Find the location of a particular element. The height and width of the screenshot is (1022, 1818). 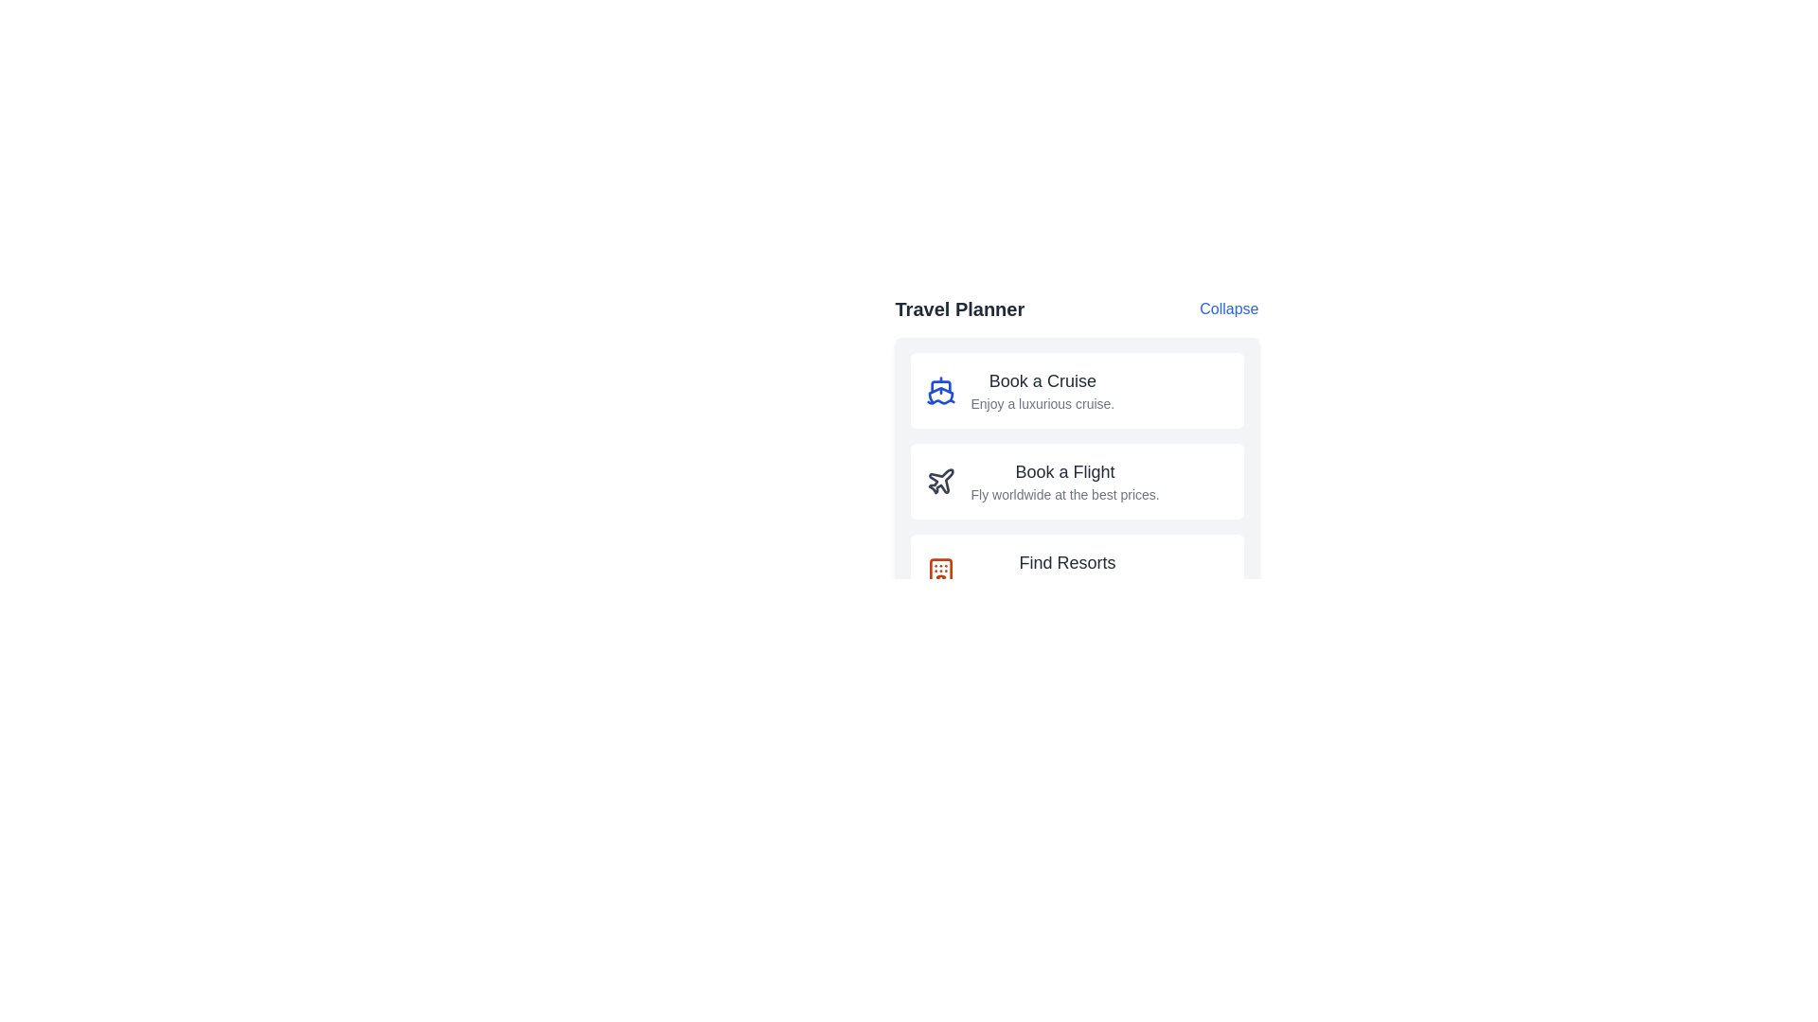

the interactive text button labeled 'Collapse' located at the top-right corner of the 'Travel Planner' header is located at coordinates (1229, 308).